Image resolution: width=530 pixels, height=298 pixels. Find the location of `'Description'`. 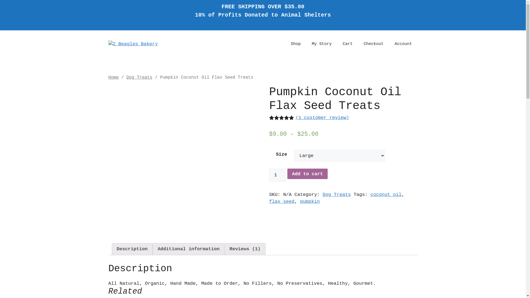

'Description' is located at coordinates (132, 249).